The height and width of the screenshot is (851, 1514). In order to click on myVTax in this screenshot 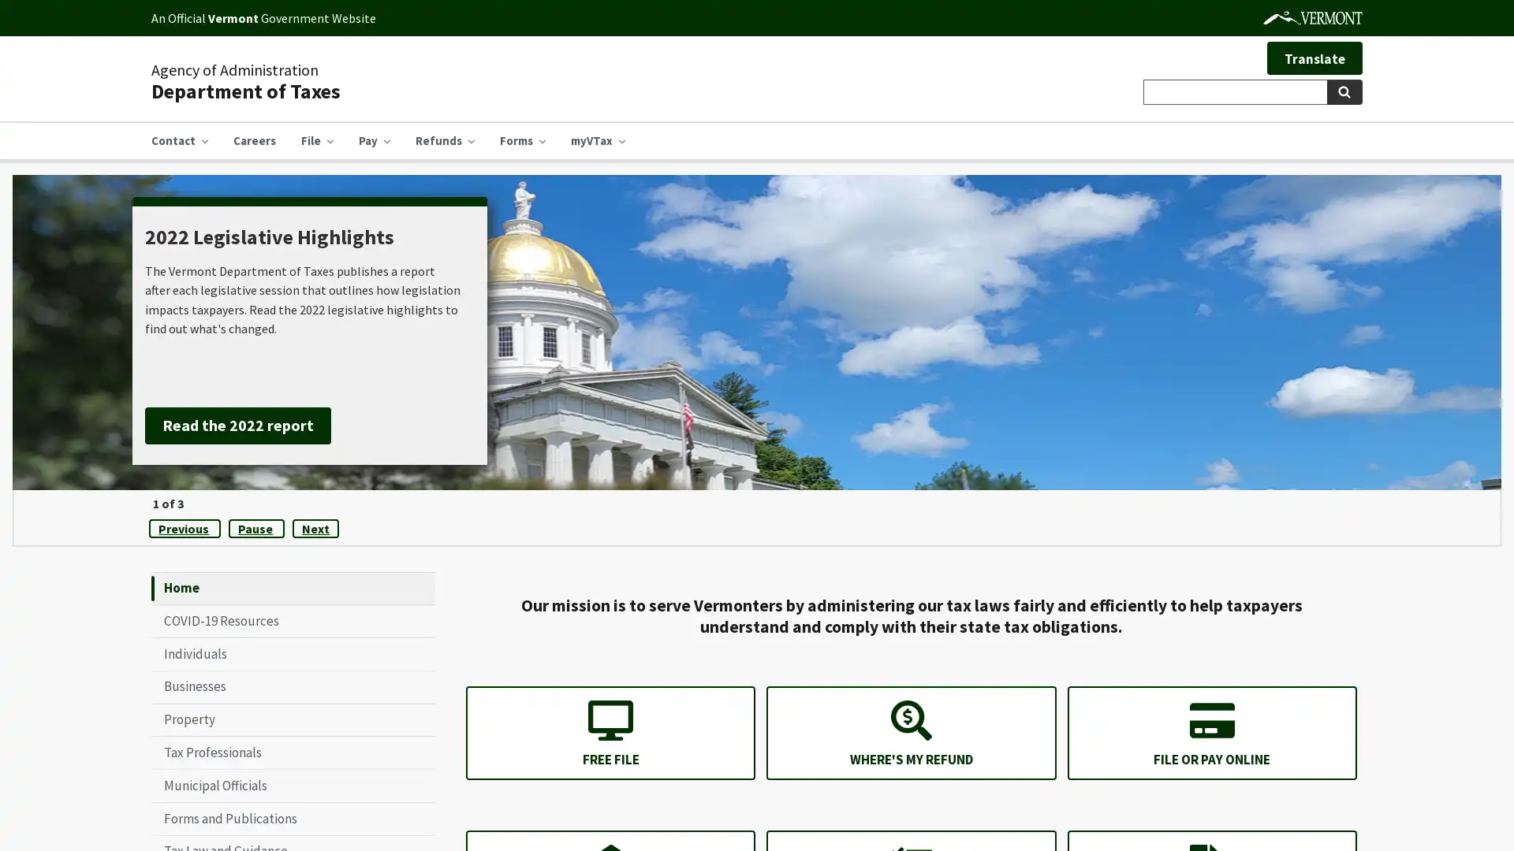, I will do `click(597, 139)`.